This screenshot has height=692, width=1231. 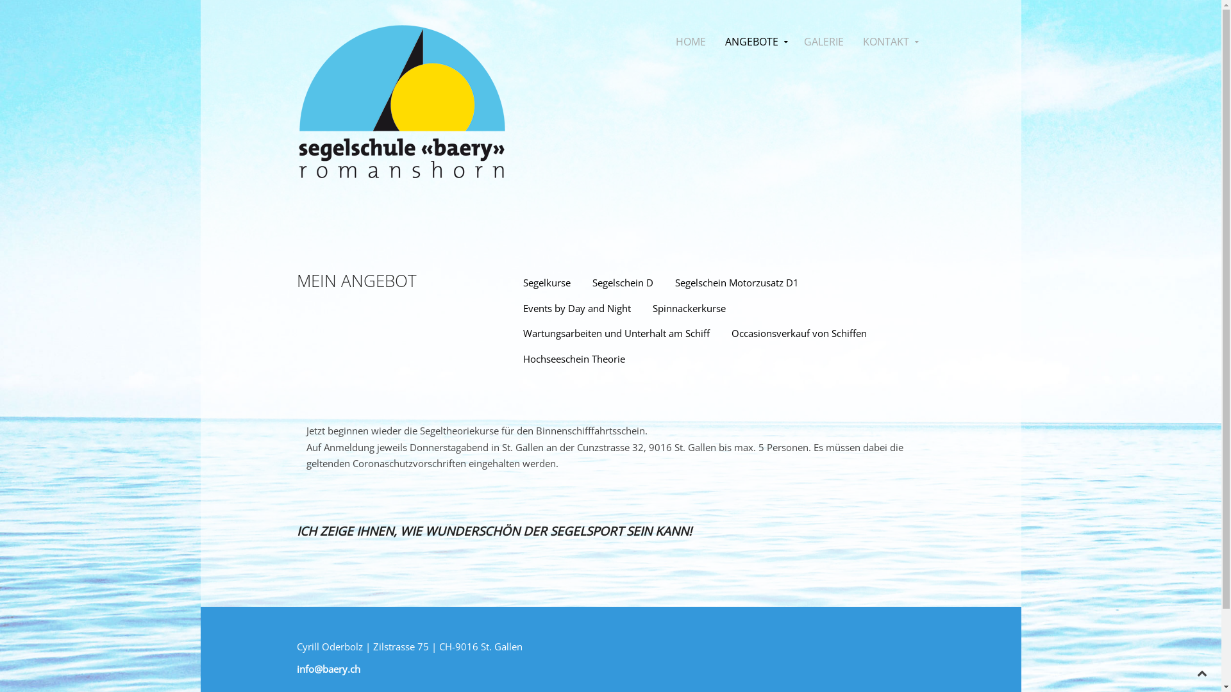 I want to click on 'Spinnackerkurse', so click(x=689, y=309).